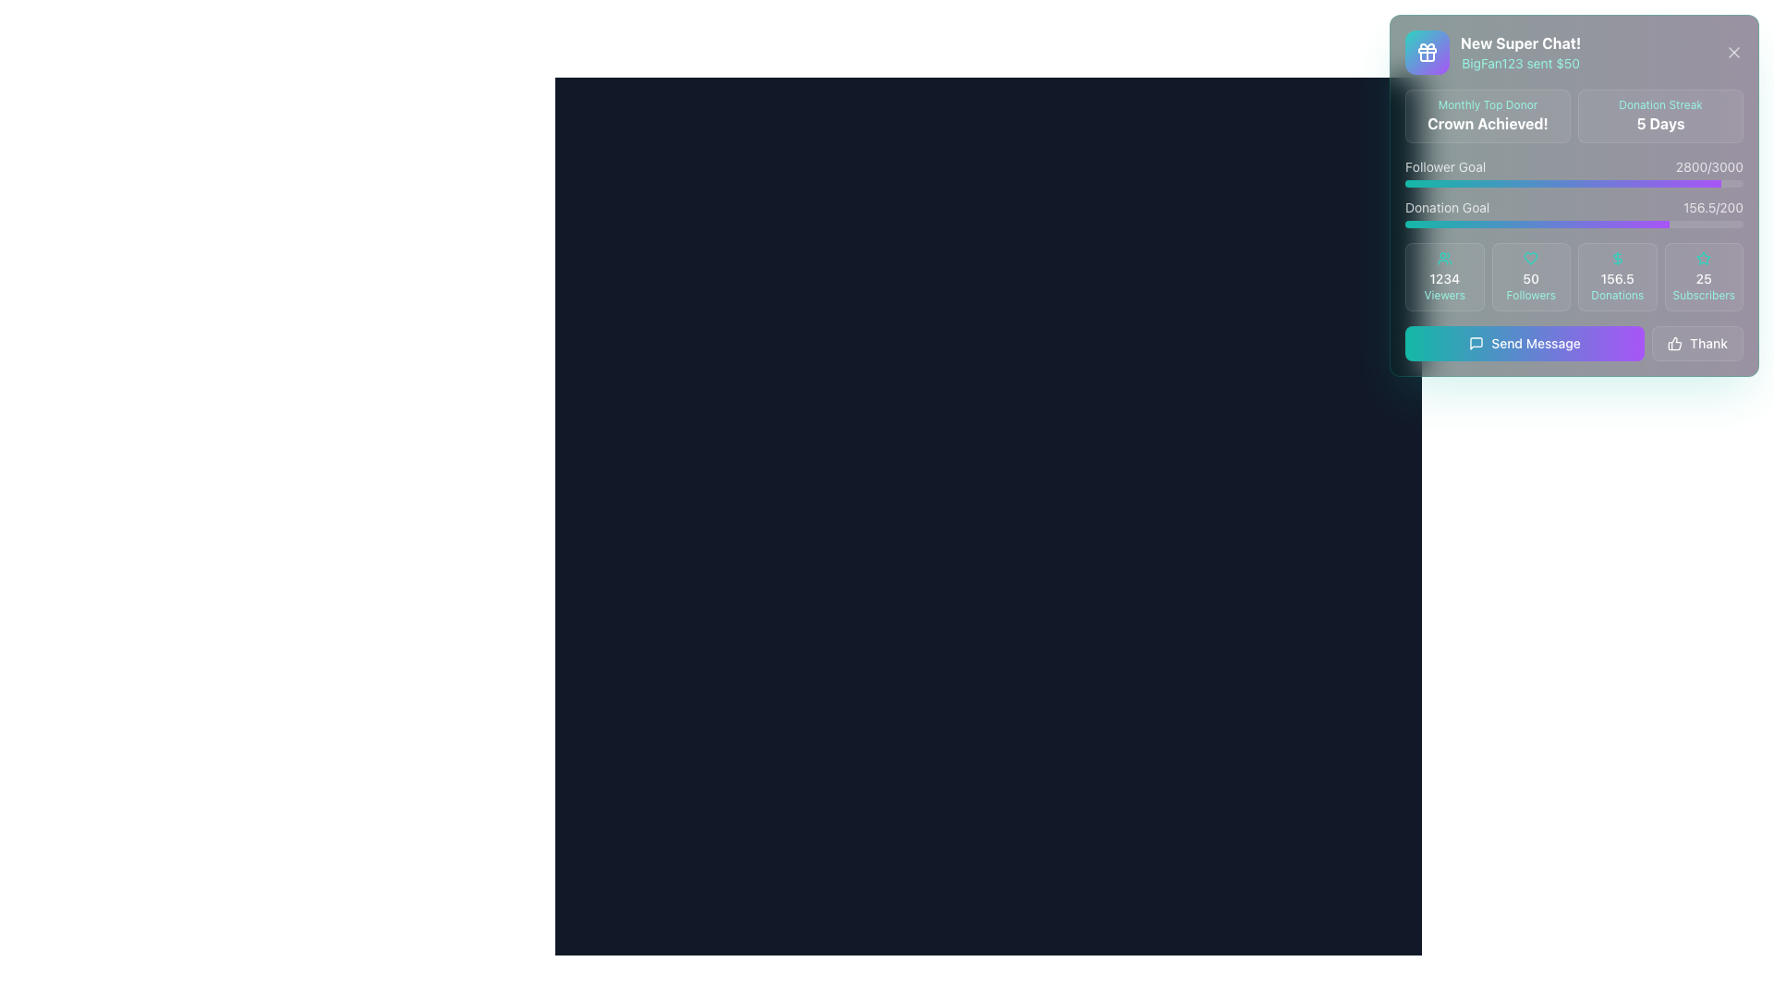  I want to click on the Information Display Block that shows the count of subscribers, located at the bottom-right of the card in a grid layout, so click(1703, 277).